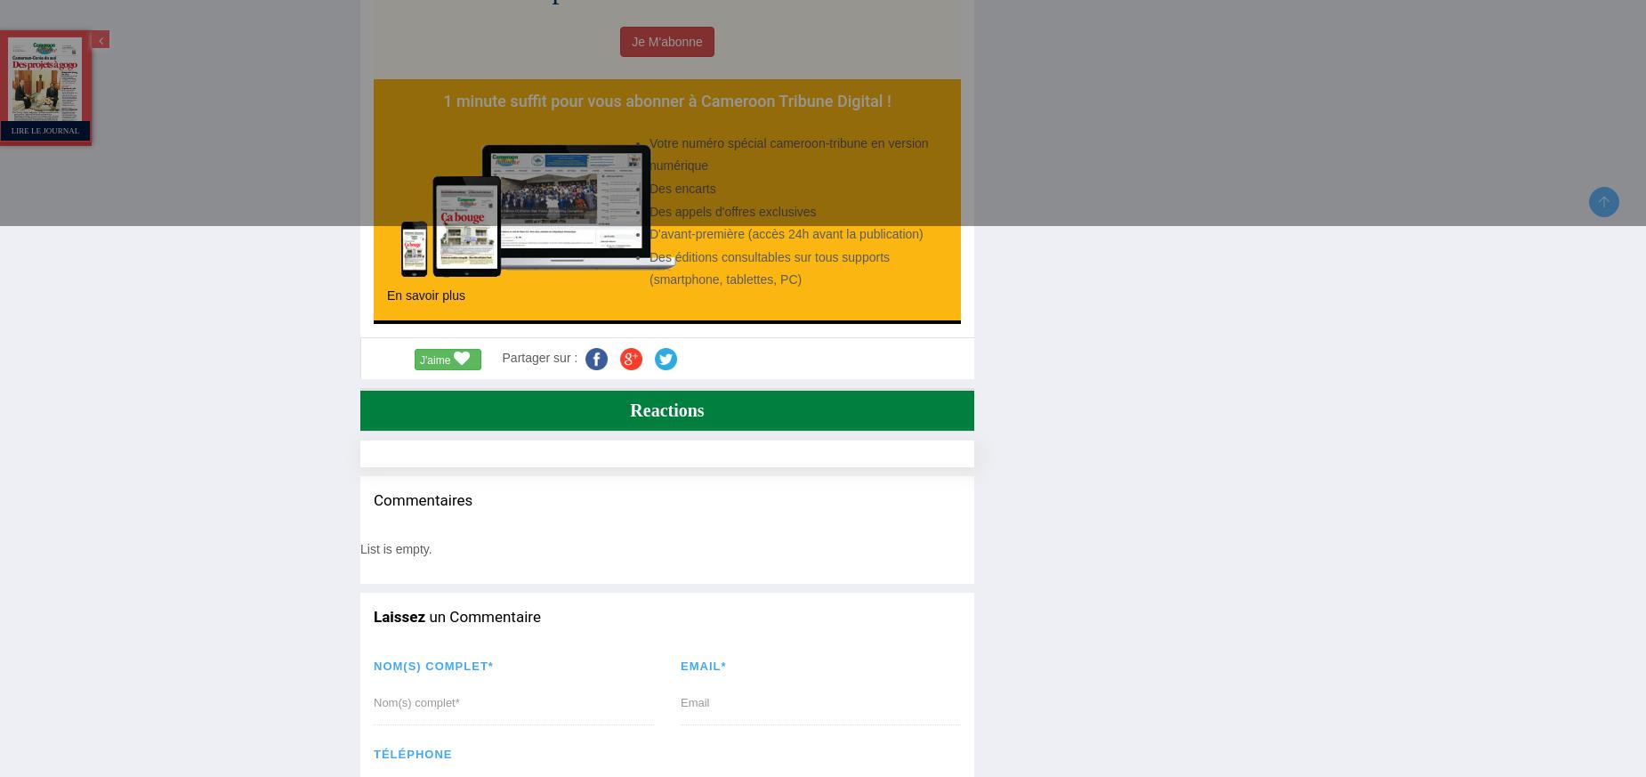  I want to click on 'Téléphone', so click(411, 754).